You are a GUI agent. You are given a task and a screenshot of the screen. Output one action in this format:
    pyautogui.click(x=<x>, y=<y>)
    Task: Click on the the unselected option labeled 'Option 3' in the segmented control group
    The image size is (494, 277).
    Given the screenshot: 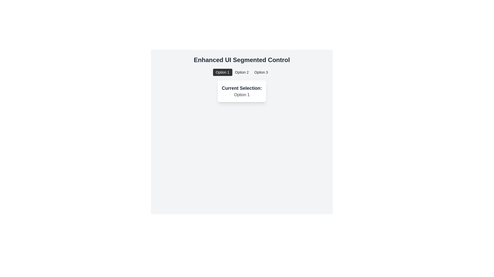 What is the action you would take?
    pyautogui.click(x=261, y=72)
    